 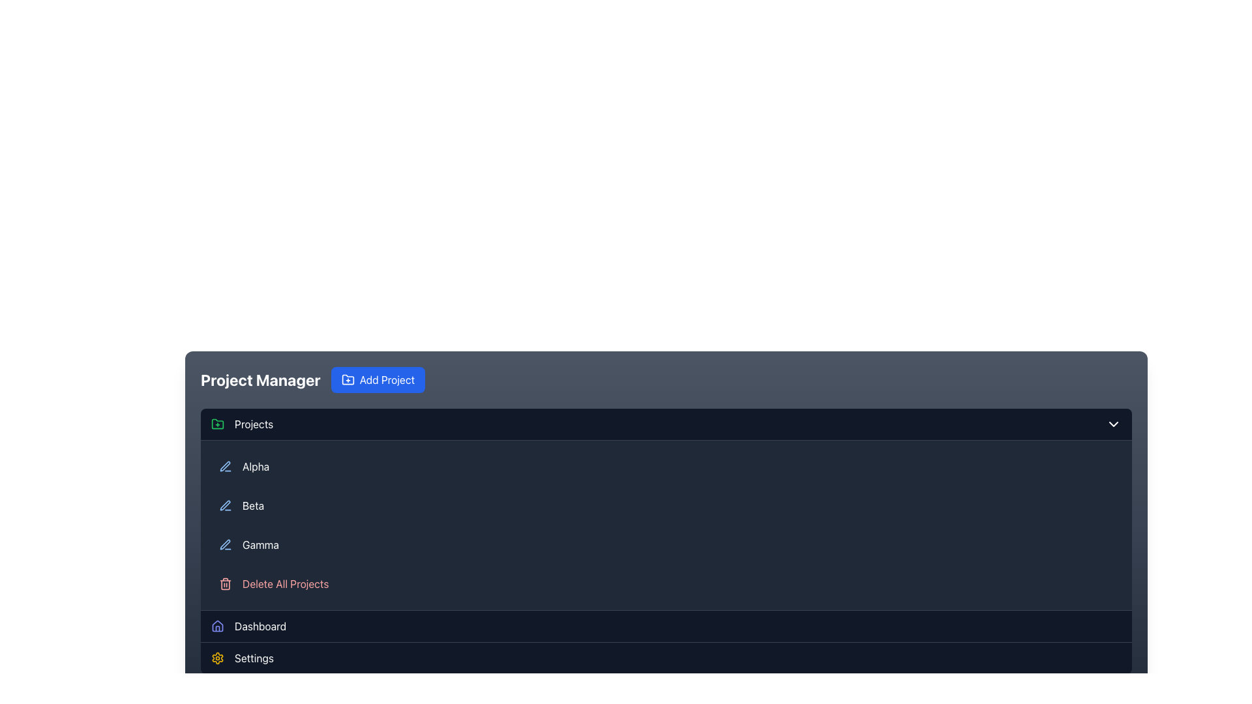 I want to click on the settings icon located at the bottom of the sidebar, so click(x=218, y=658).